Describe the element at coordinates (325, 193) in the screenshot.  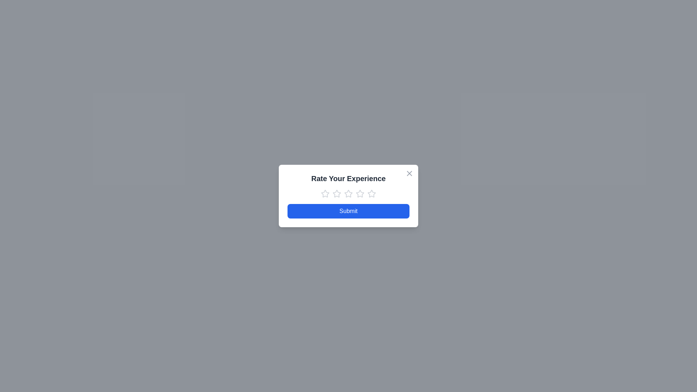
I see `the star corresponding to 1 to rate the experience` at that location.